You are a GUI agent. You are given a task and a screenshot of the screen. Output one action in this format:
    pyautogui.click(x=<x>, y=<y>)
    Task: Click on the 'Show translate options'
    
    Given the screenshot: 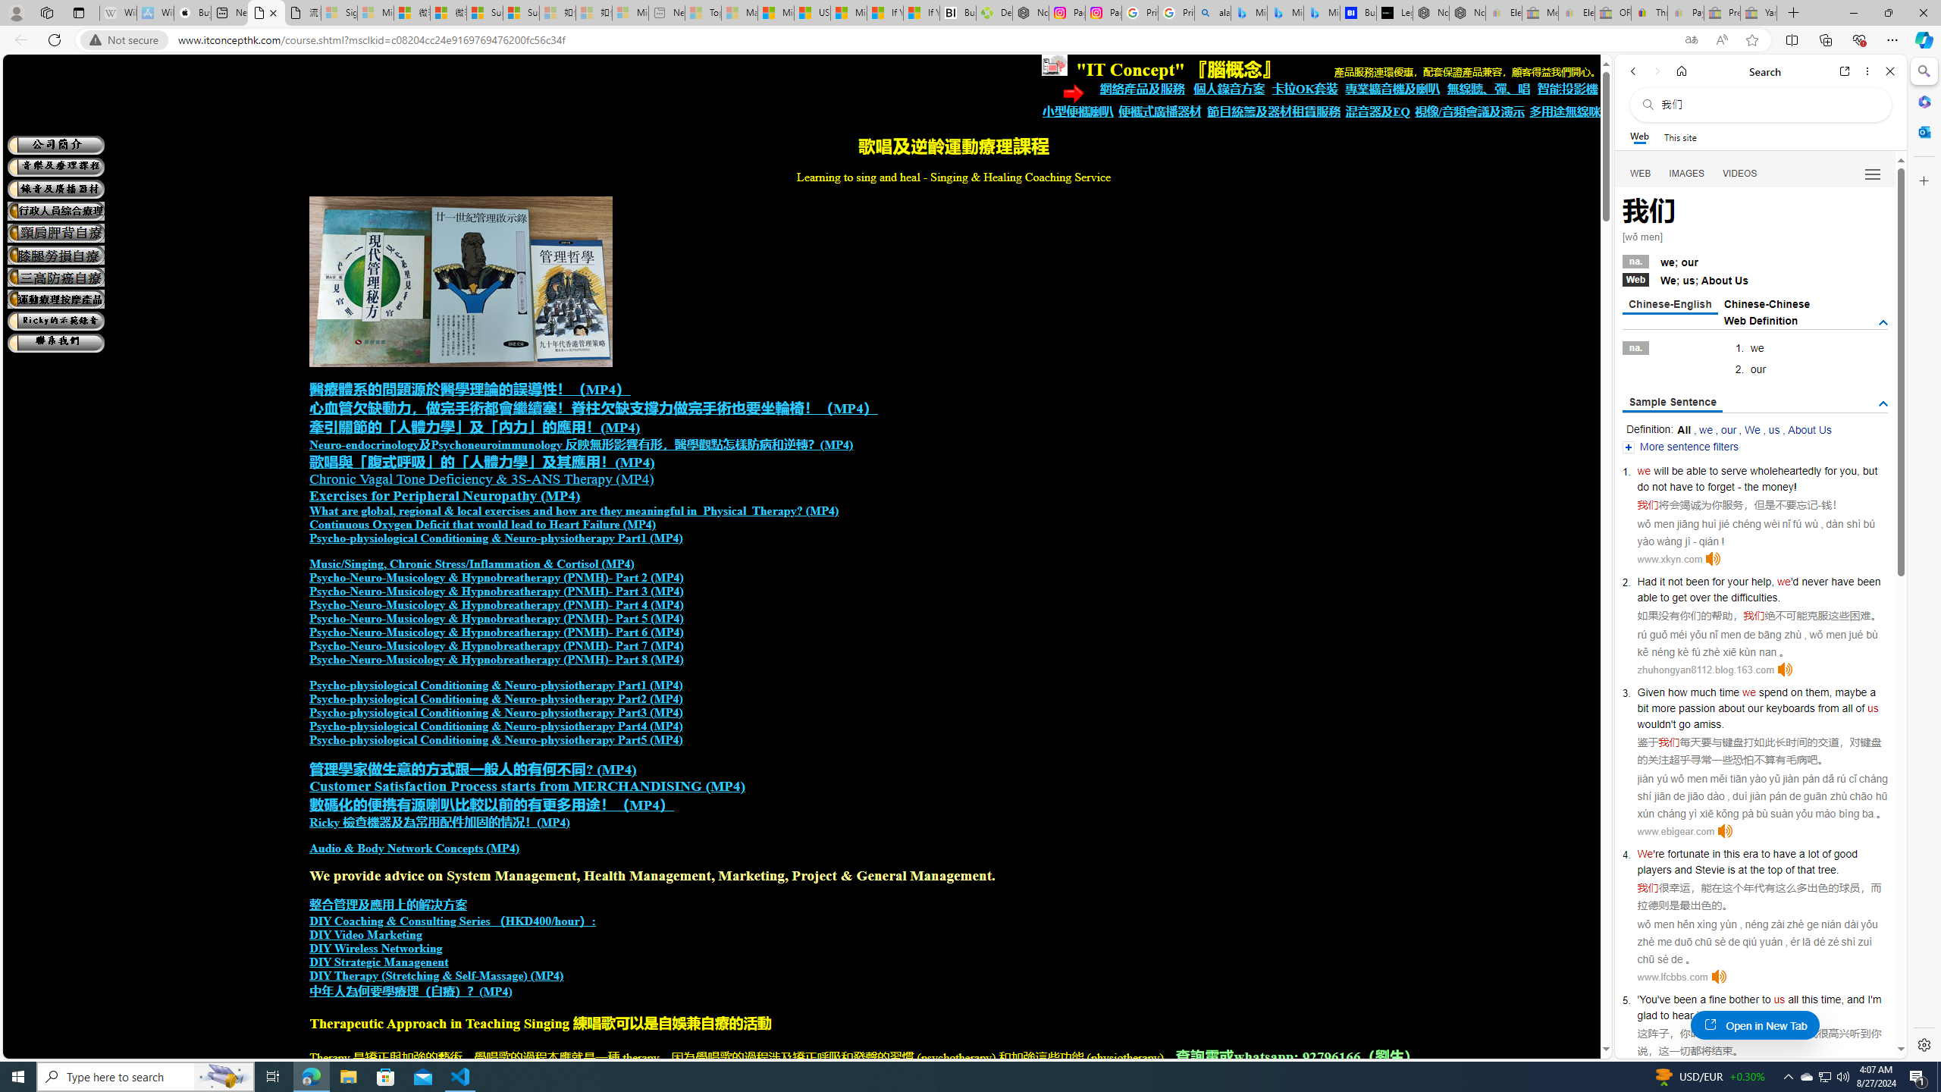 What is the action you would take?
    pyautogui.click(x=1691, y=40)
    